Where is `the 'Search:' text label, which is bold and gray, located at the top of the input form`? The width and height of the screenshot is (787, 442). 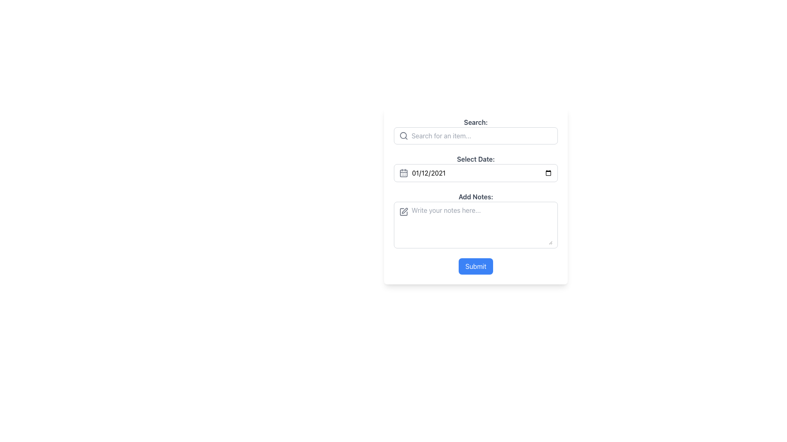 the 'Search:' text label, which is bold and gray, located at the top of the input form is located at coordinates (476, 122).